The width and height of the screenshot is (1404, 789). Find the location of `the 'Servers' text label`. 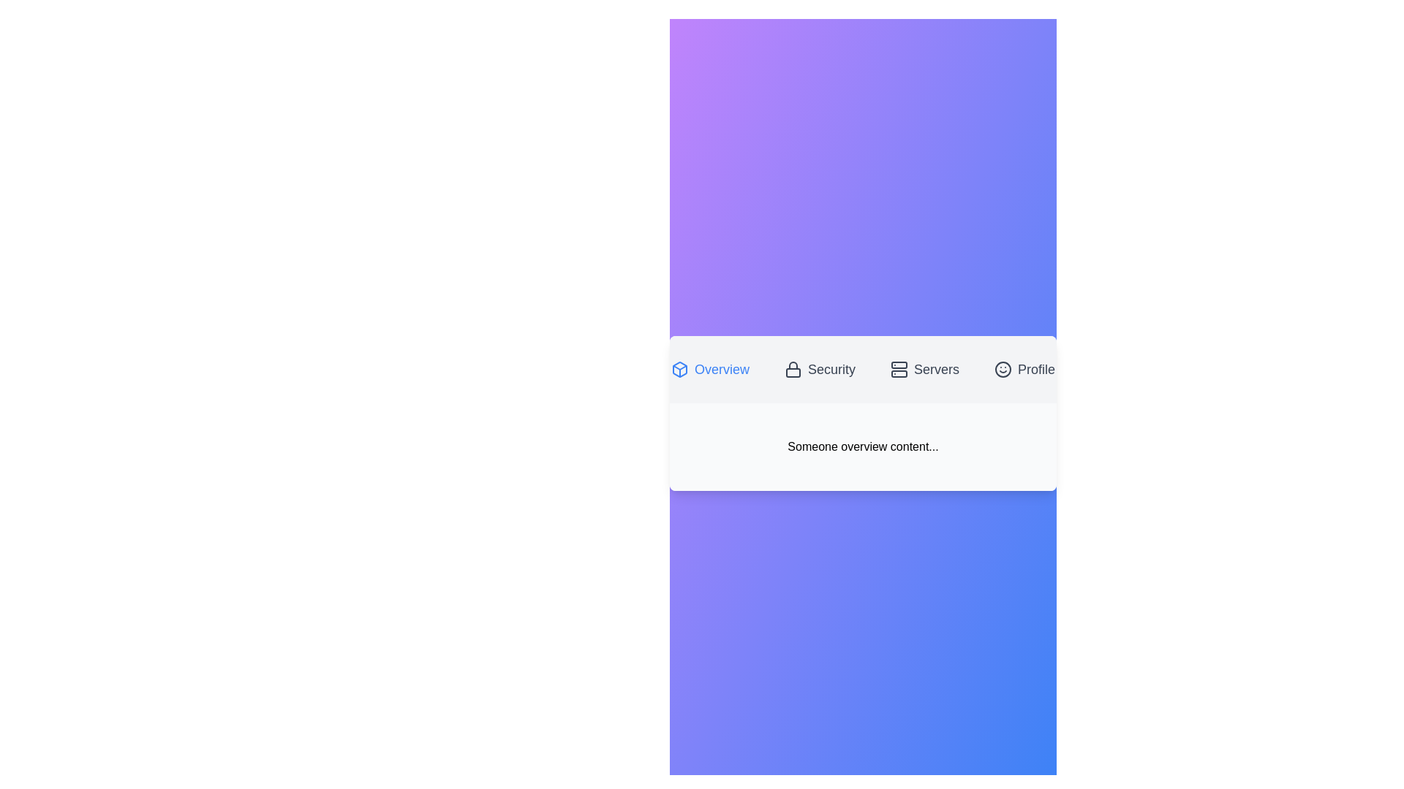

the 'Servers' text label is located at coordinates (937, 368).